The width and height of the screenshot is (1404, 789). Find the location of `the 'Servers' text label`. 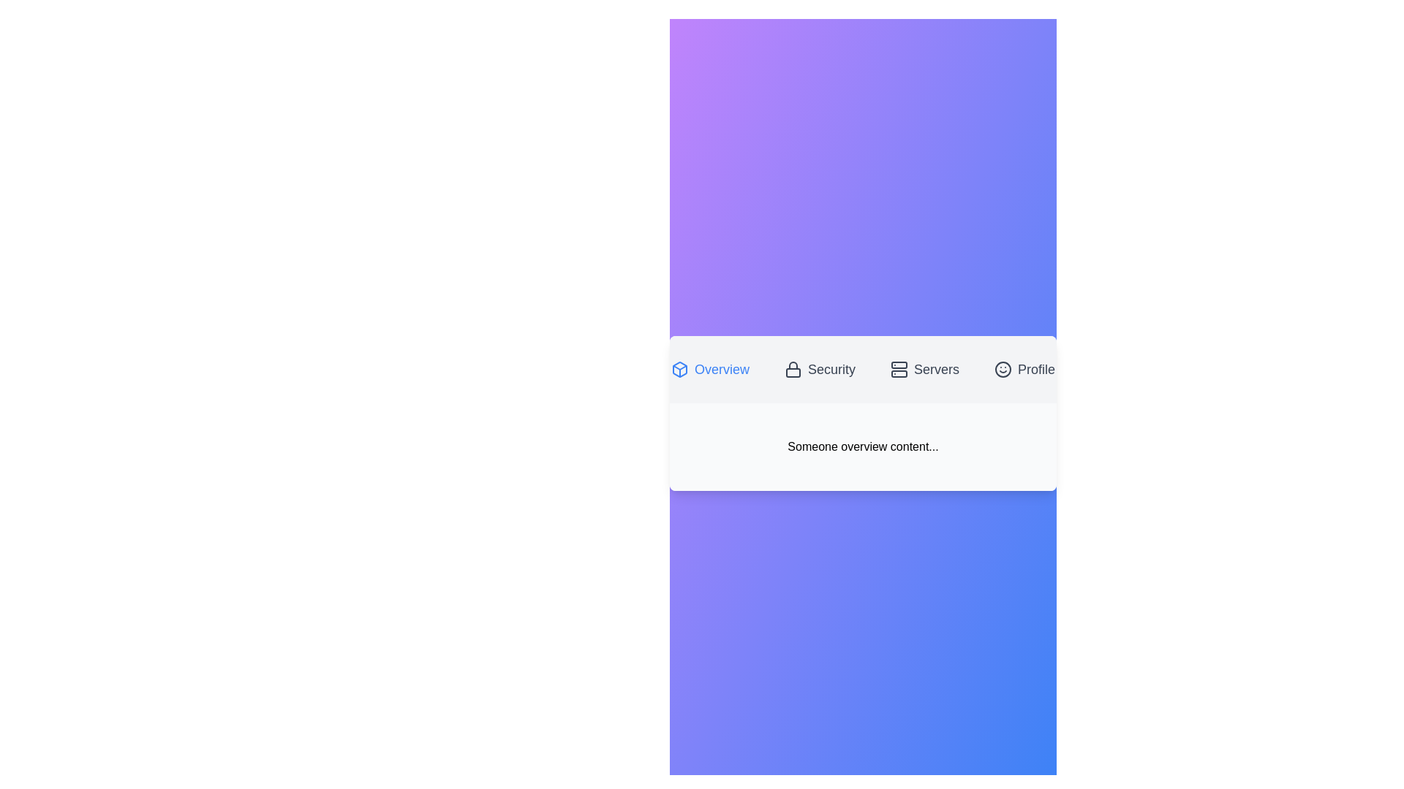

the 'Servers' text label is located at coordinates (937, 368).